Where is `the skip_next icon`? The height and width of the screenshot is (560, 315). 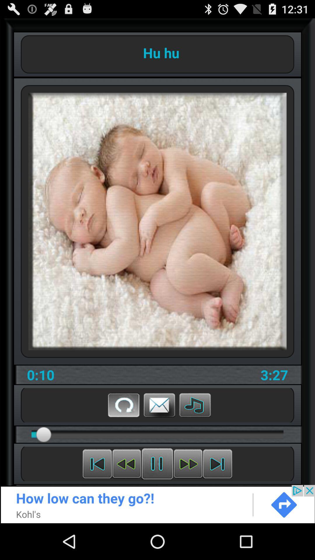 the skip_next icon is located at coordinates (217, 496).